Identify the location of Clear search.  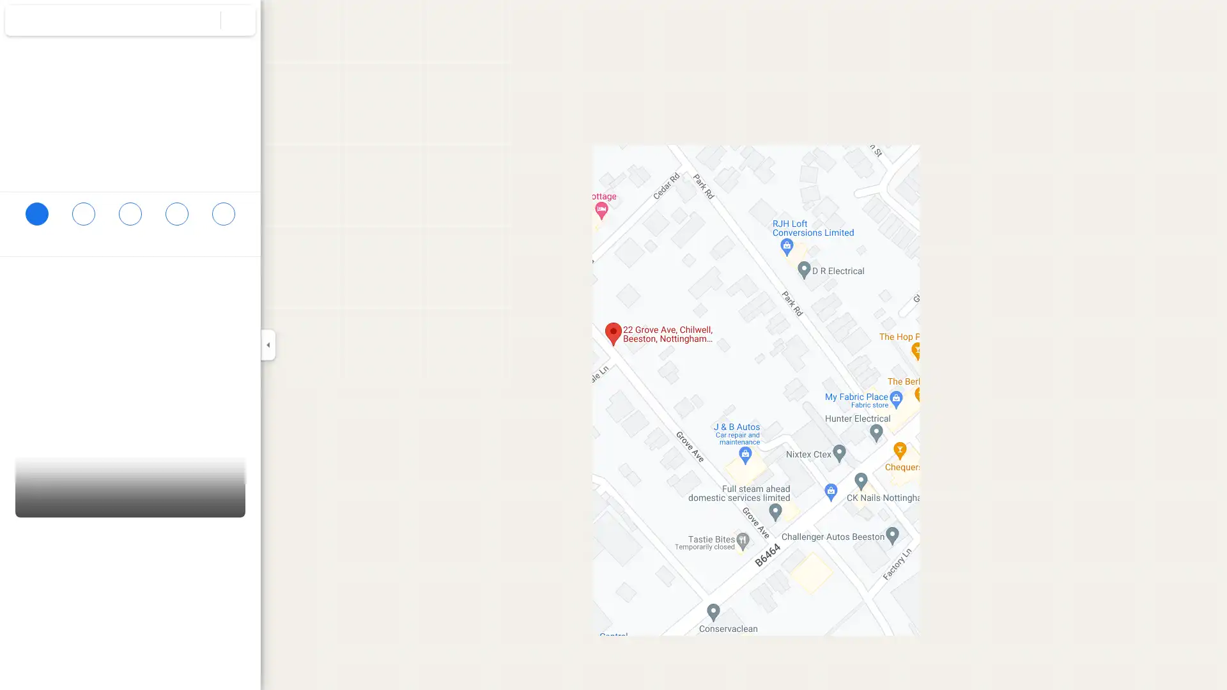
(238, 20).